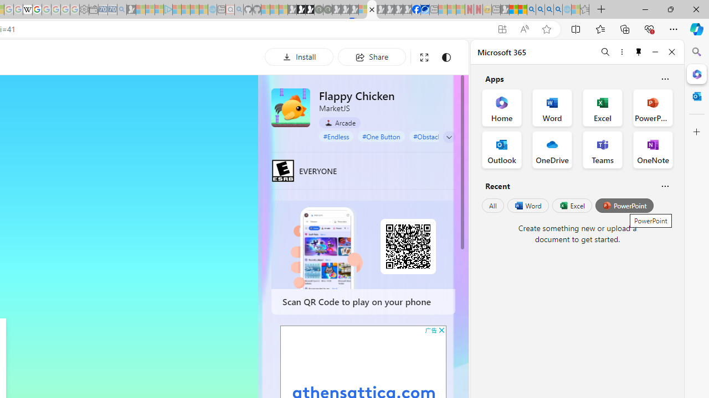 The image size is (709, 398). Describe the element at coordinates (438, 135) in the screenshot. I see `'#Obstacle Course'` at that location.